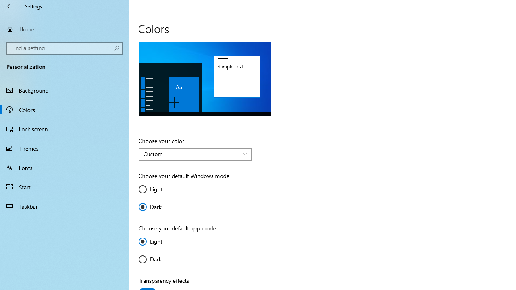  What do you see at coordinates (64, 205) in the screenshot?
I see `'Taskbar'` at bounding box center [64, 205].